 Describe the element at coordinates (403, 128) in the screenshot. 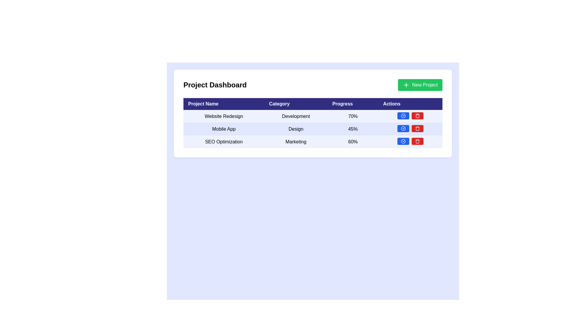

I see `the blue circular icon button with a white checkmark in the 'Actions' column of the second row in the table` at that location.